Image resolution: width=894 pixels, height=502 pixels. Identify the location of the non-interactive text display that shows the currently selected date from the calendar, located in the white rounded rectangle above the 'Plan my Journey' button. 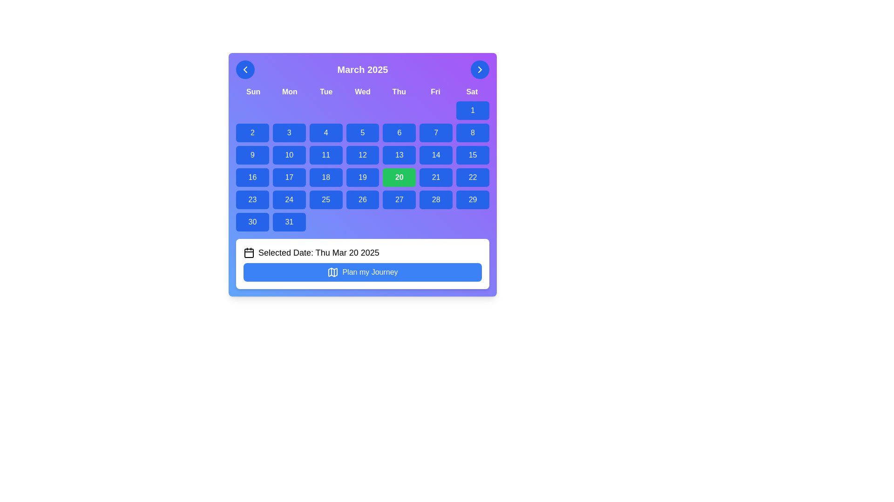
(362, 252).